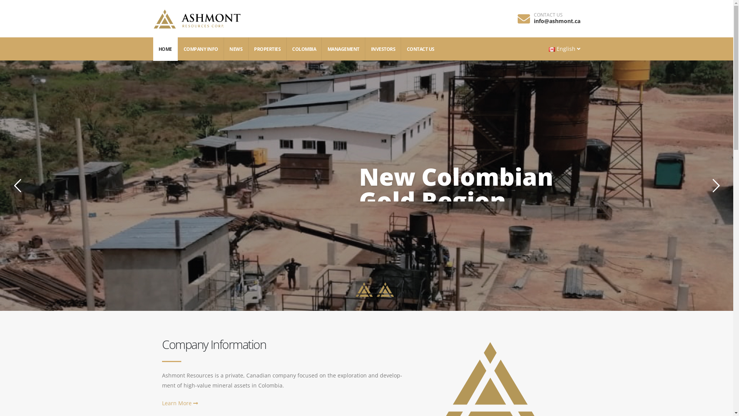 This screenshot has width=739, height=416. I want to click on 'info@ashmont.ca', so click(557, 20).